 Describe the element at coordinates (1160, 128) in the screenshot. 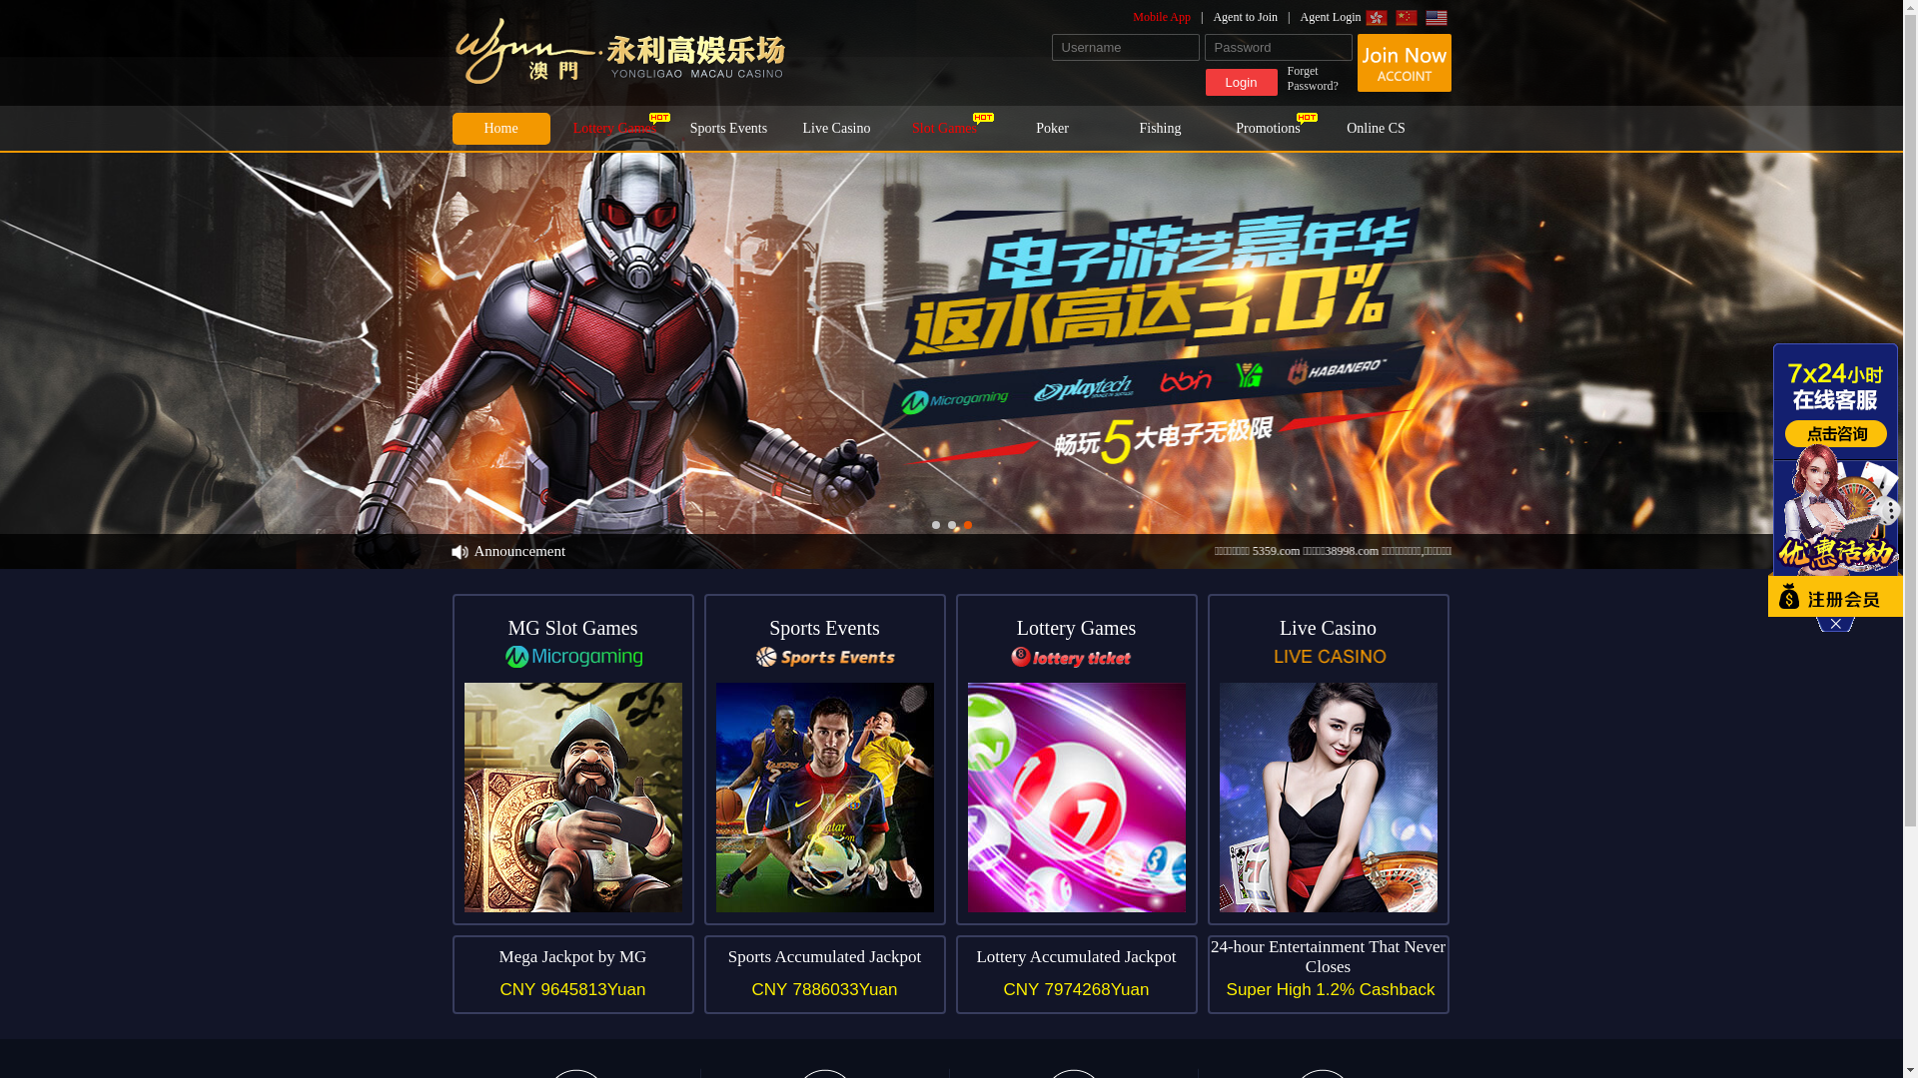

I see `'Fishing'` at that location.